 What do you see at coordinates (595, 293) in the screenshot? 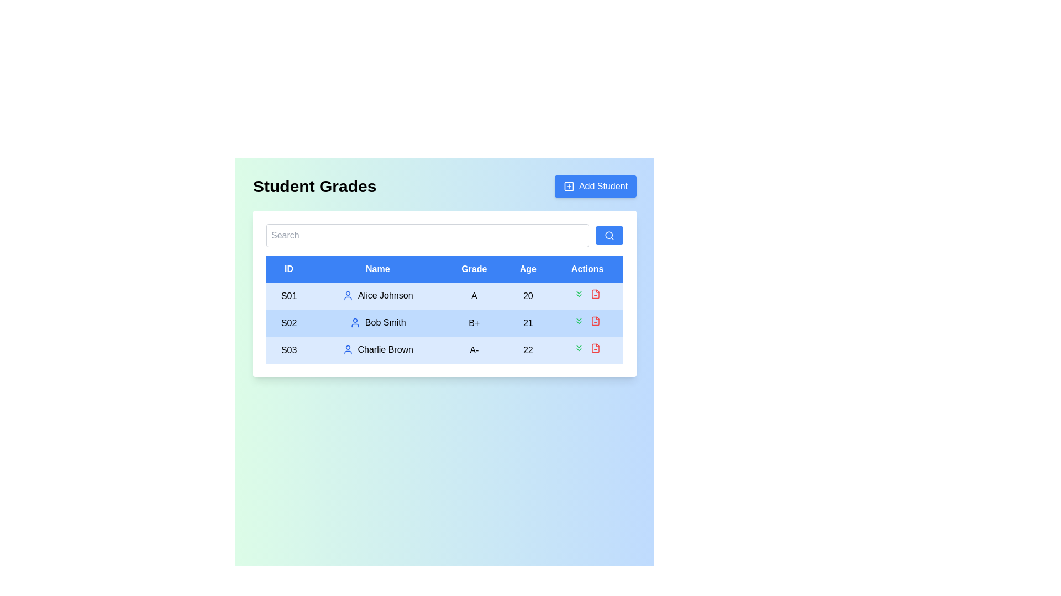
I see `the graphical icon resembling a sheet of paper located in the Action column of the third row of the user interface table` at bounding box center [595, 293].